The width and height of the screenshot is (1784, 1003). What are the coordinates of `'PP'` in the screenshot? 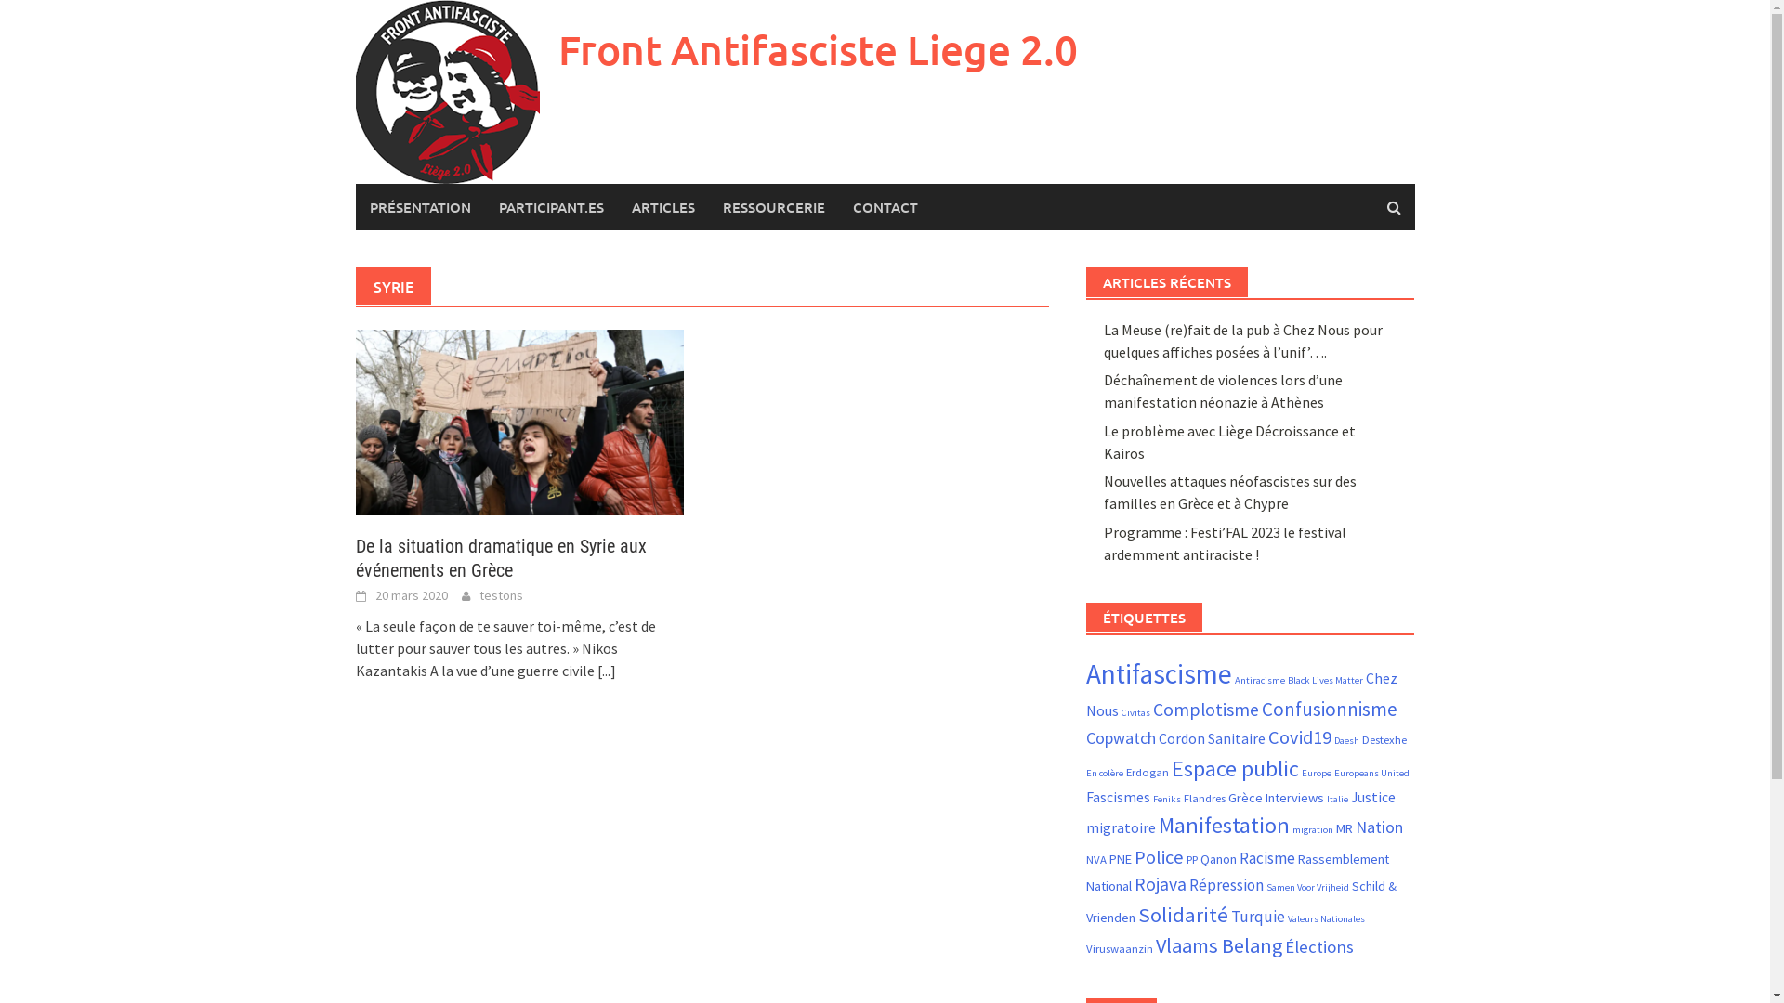 It's located at (1191, 859).